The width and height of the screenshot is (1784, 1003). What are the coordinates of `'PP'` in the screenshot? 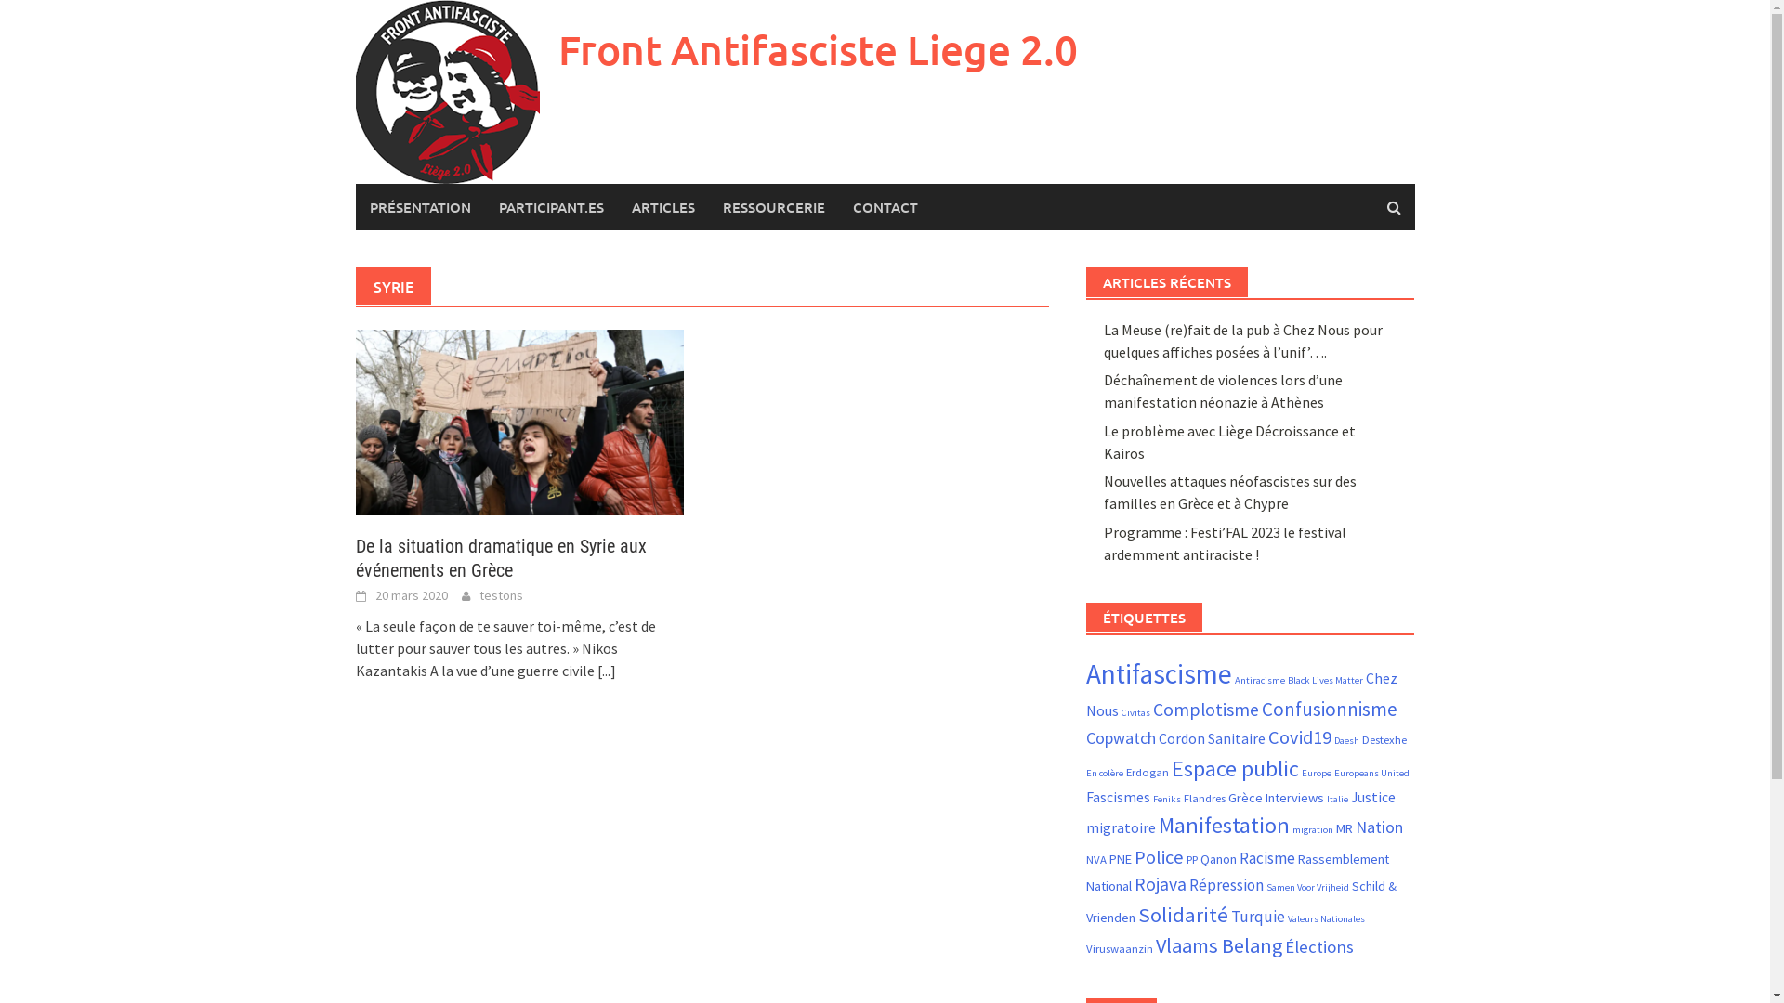 It's located at (1191, 859).